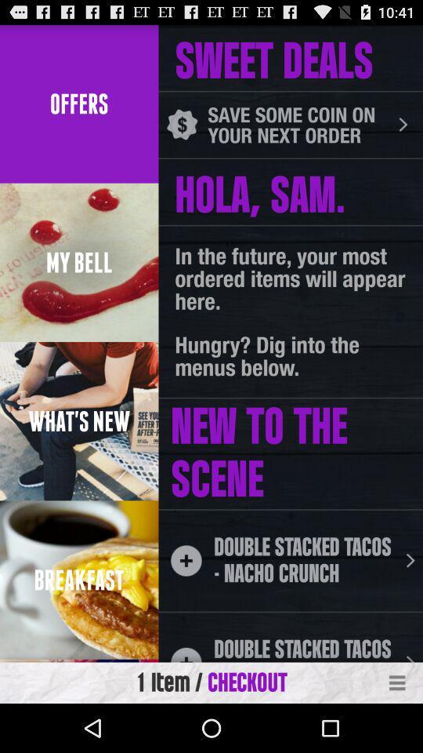 The height and width of the screenshot is (753, 423). What do you see at coordinates (410, 561) in the screenshot?
I see `the icon right to the word  tacos` at bounding box center [410, 561].